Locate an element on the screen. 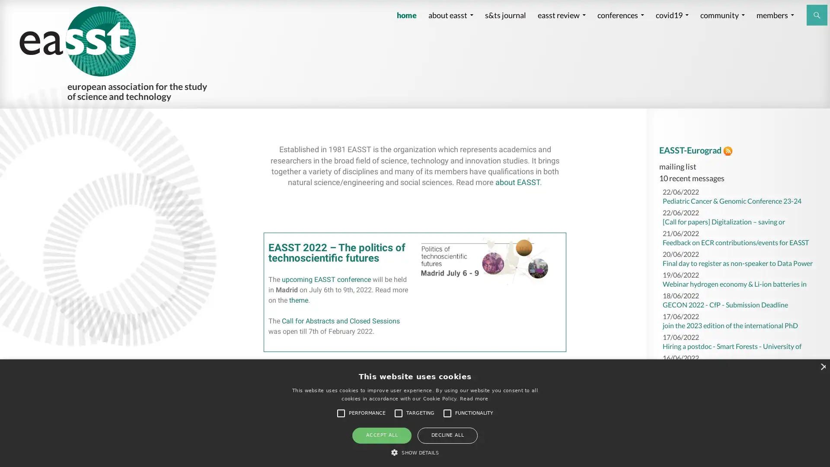  SHOW DETAILS is located at coordinates (414, 451).